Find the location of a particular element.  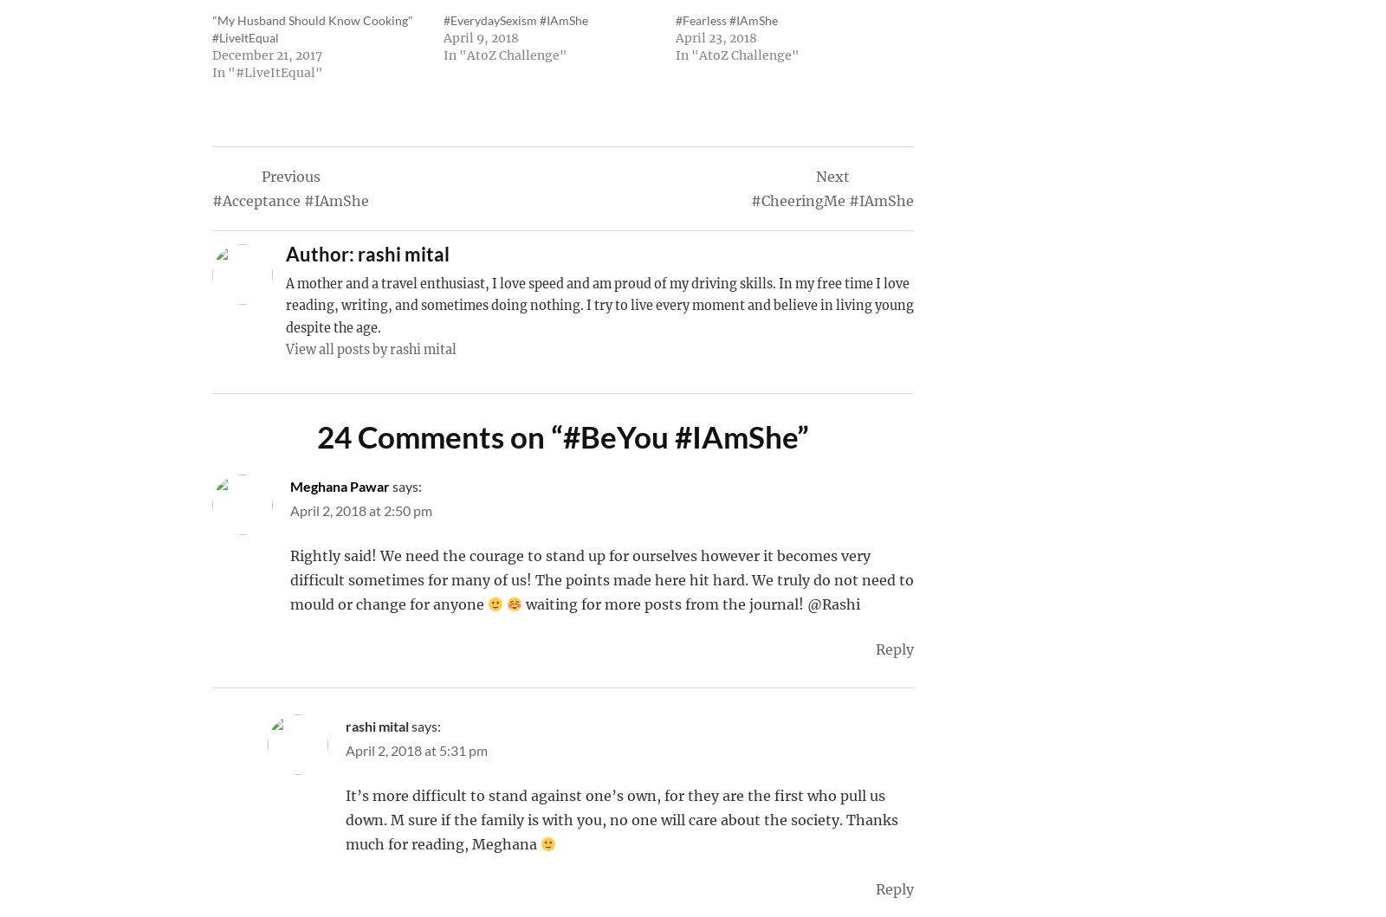

'#BeYou  #IAmShe' is located at coordinates (562, 436).